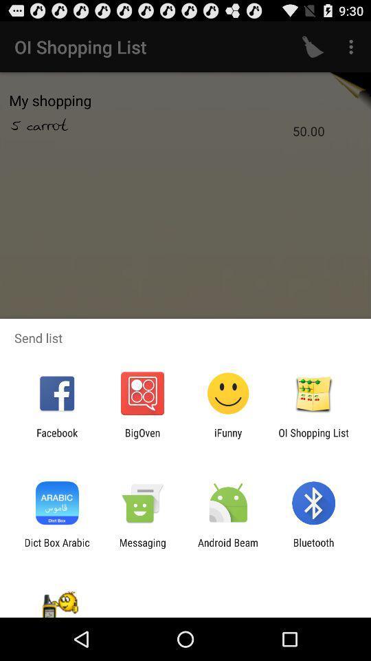 The height and width of the screenshot is (661, 371). Describe the element at coordinates (228, 438) in the screenshot. I see `icon to the left of oi shopping list icon` at that location.